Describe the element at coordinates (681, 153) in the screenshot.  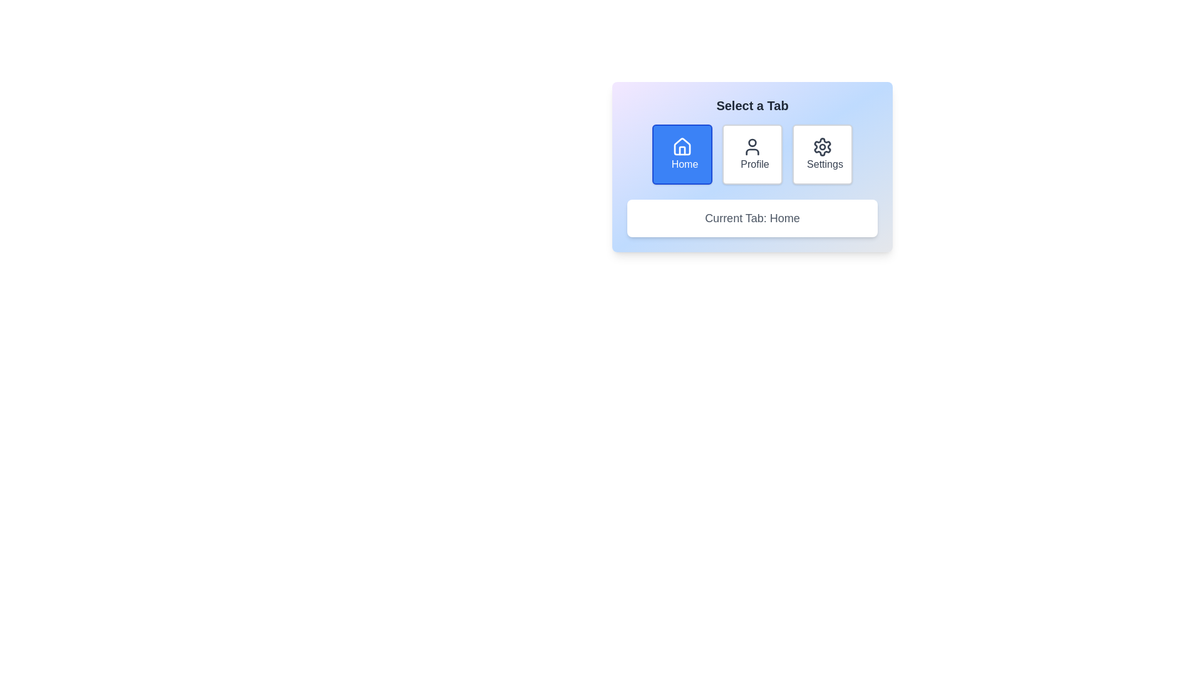
I see `the first navigation button from the left in the horizontal row beneath the 'Select a Tab' label` at that location.